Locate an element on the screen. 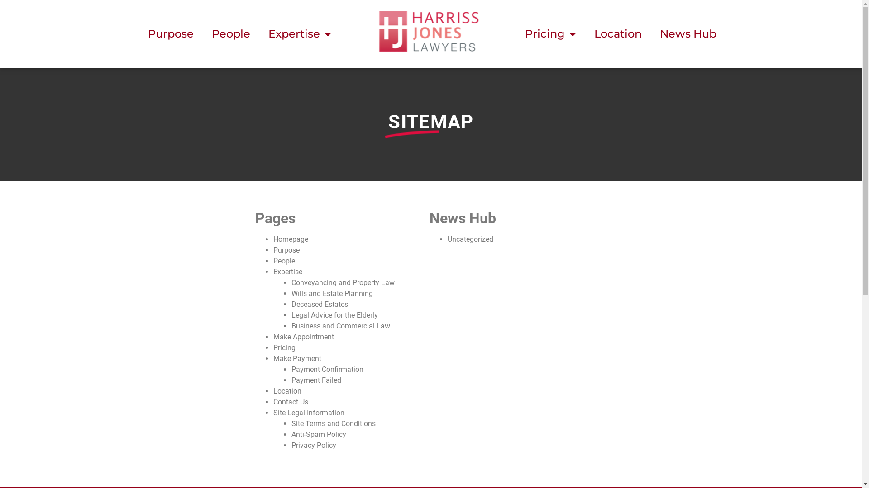 This screenshot has width=869, height=488. 'Wills and Estate Planning' is located at coordinates (291, 293).